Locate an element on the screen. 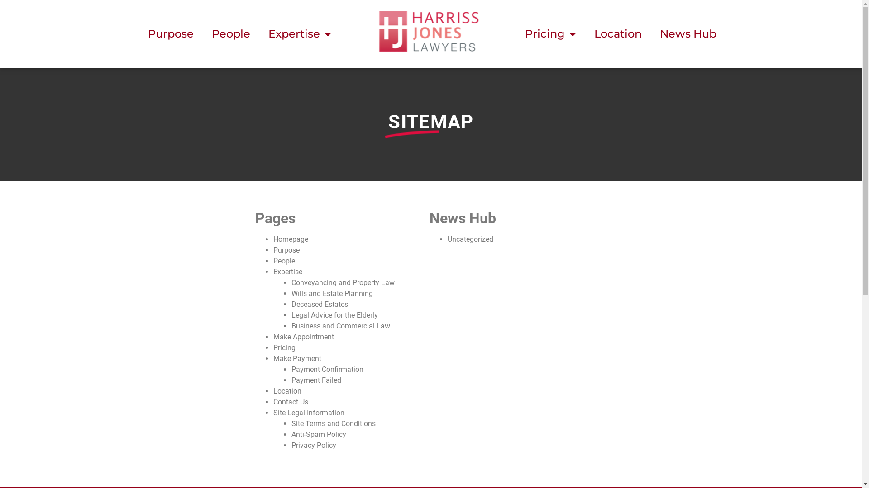 This screenshot has width=869, height=488. 'Wills and Estate Planning' is located at coordinates (291, 293).